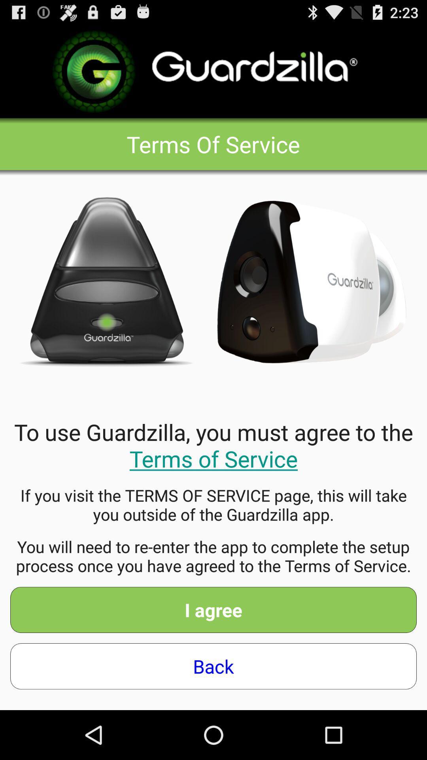  What do you see at coordinates (213, 609) in the screenshot?
I see `i agree app` at bounding box center [213, 609].